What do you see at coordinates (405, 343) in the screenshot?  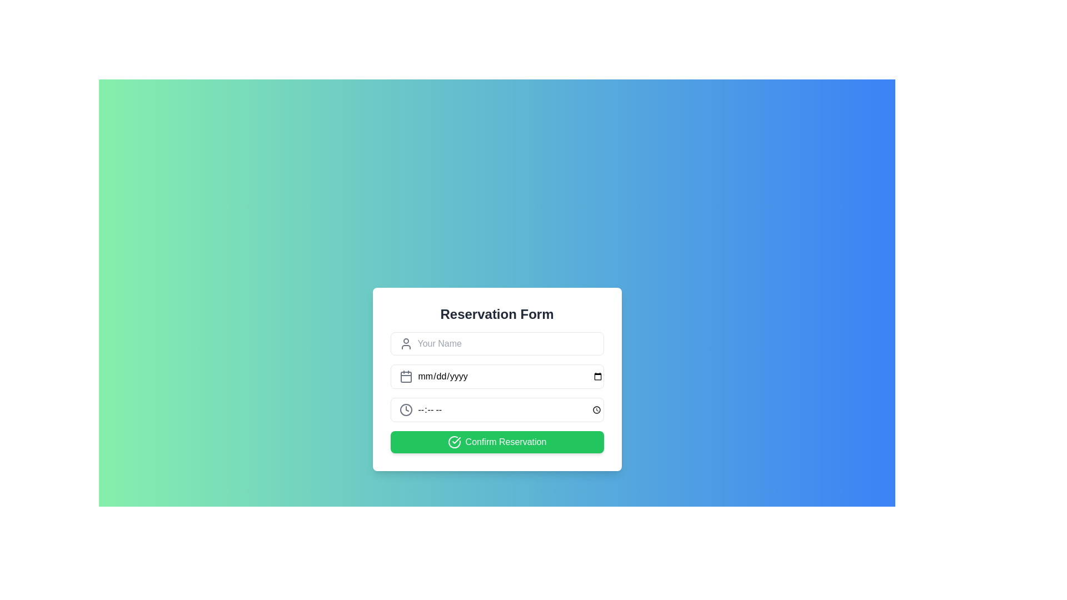 I see `the SVG user icon represented as a line drawing of a person, which is located to the left of the input field labeled 'Your Name'` at bounding box center [405, 343].